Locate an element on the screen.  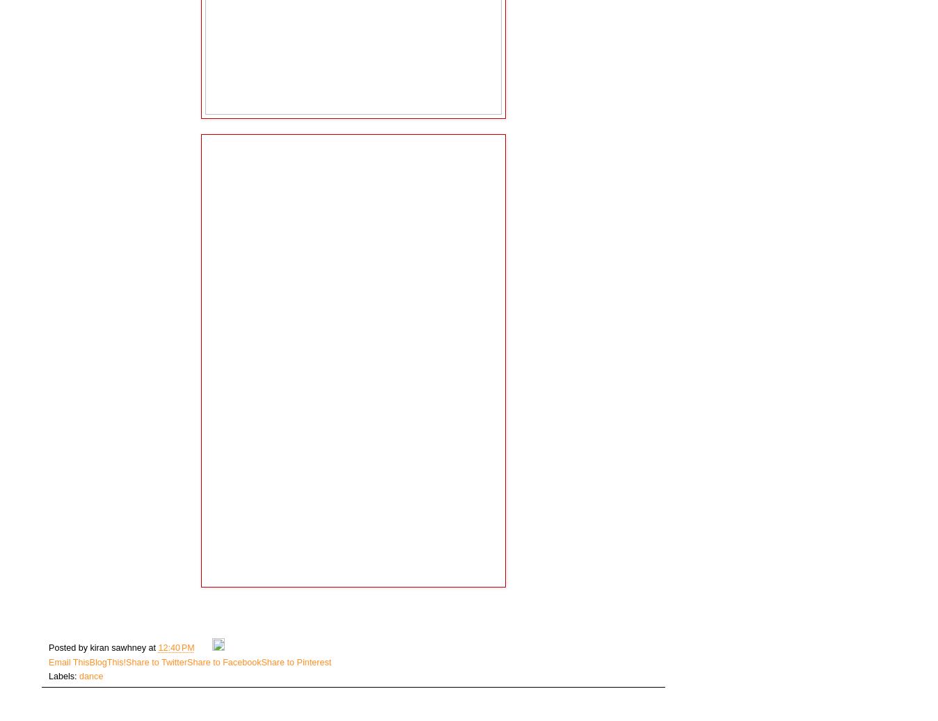
'Email This' is located at coordinates (67, 661).